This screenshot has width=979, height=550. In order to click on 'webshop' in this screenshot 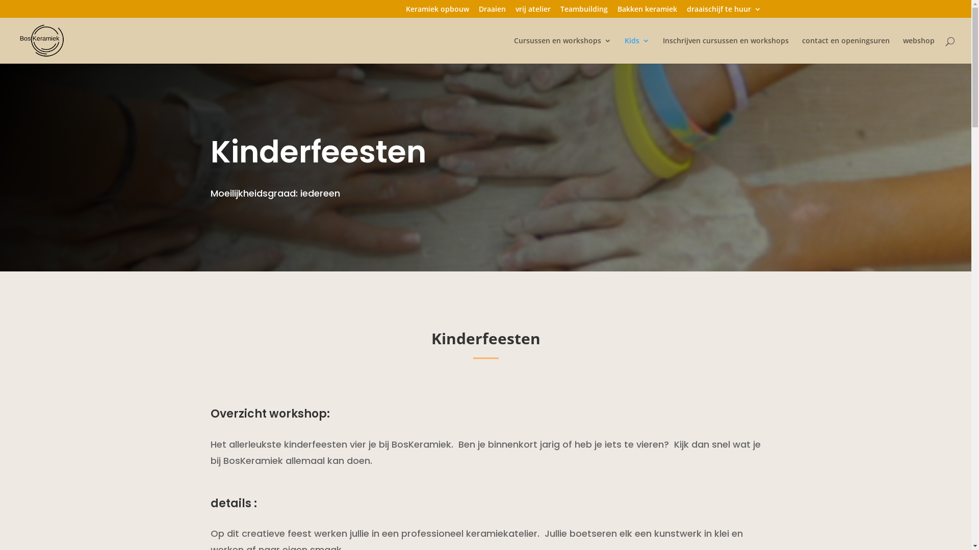, I will do `click(918, 50)`.